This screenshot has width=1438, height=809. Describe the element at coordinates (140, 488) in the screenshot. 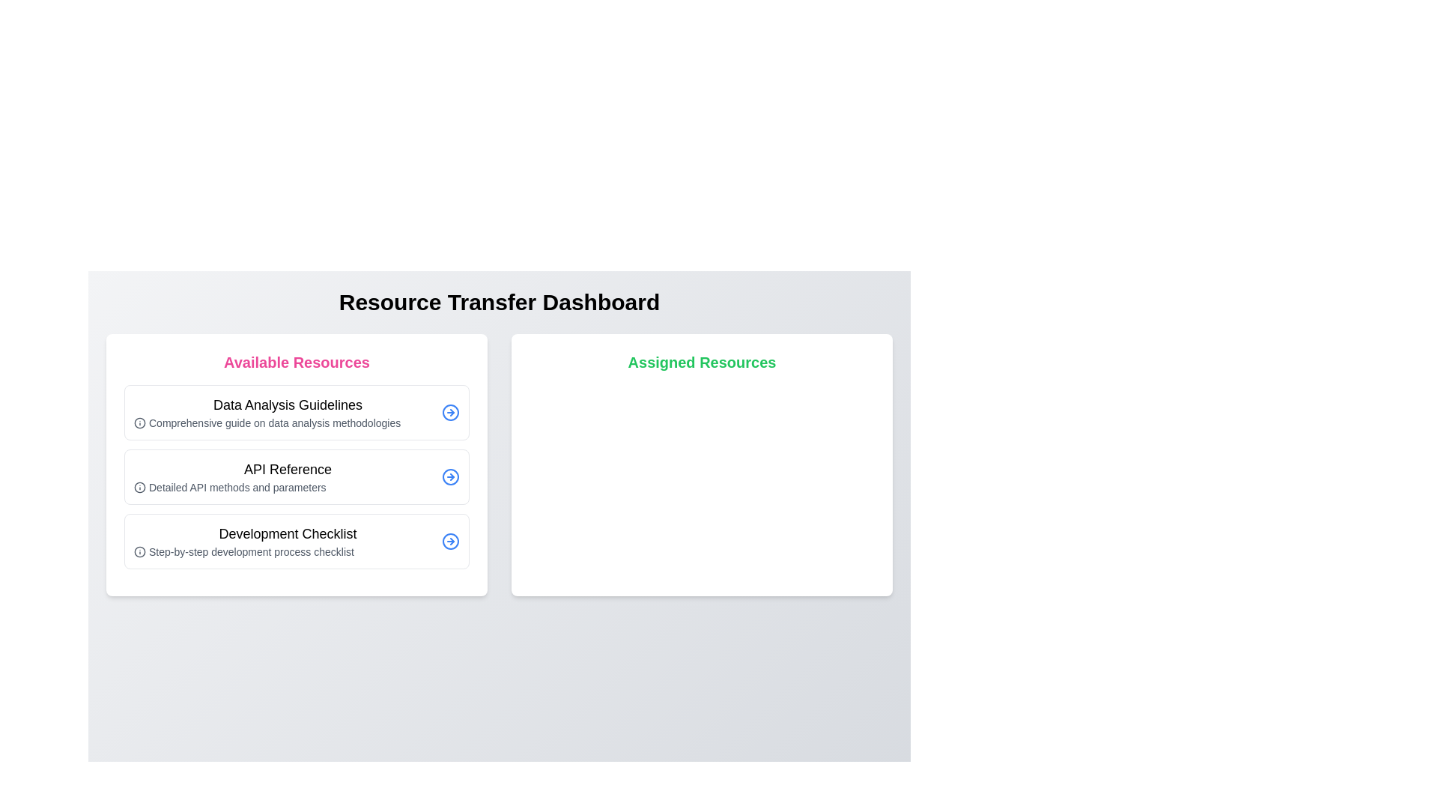

I see `the circular border of the icon located to the left of the text 'Detailed API methods and parameters' in the 'Available Resources' section` at that location.